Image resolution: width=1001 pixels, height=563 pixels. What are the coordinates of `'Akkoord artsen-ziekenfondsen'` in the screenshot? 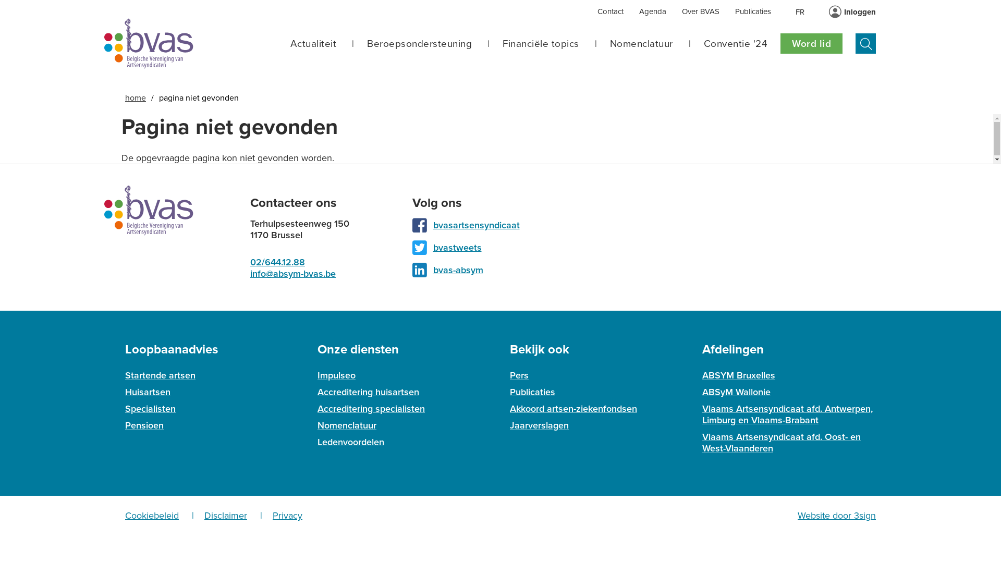 It's located at (572, 408).